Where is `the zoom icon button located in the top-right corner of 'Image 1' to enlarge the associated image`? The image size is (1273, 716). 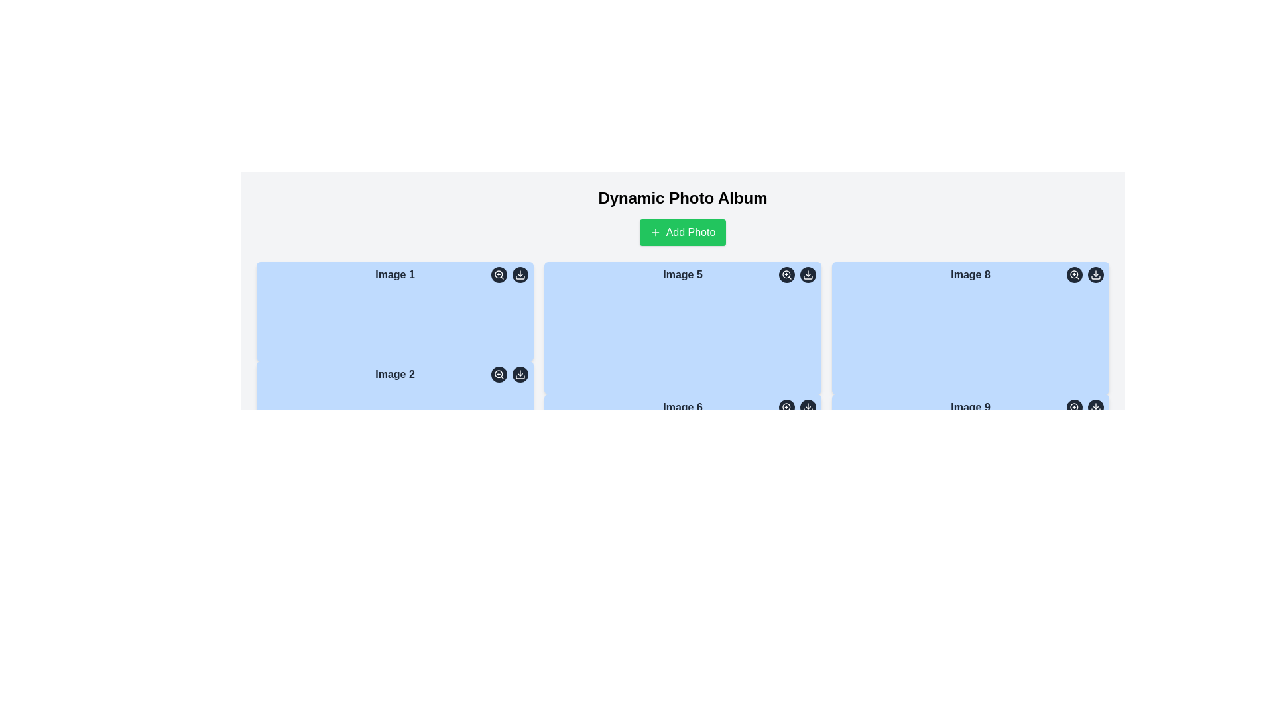 the zoom icon button located in the top-right corner of 'Image 1' to enlarge the associated image is located at coordinates (499, 274).